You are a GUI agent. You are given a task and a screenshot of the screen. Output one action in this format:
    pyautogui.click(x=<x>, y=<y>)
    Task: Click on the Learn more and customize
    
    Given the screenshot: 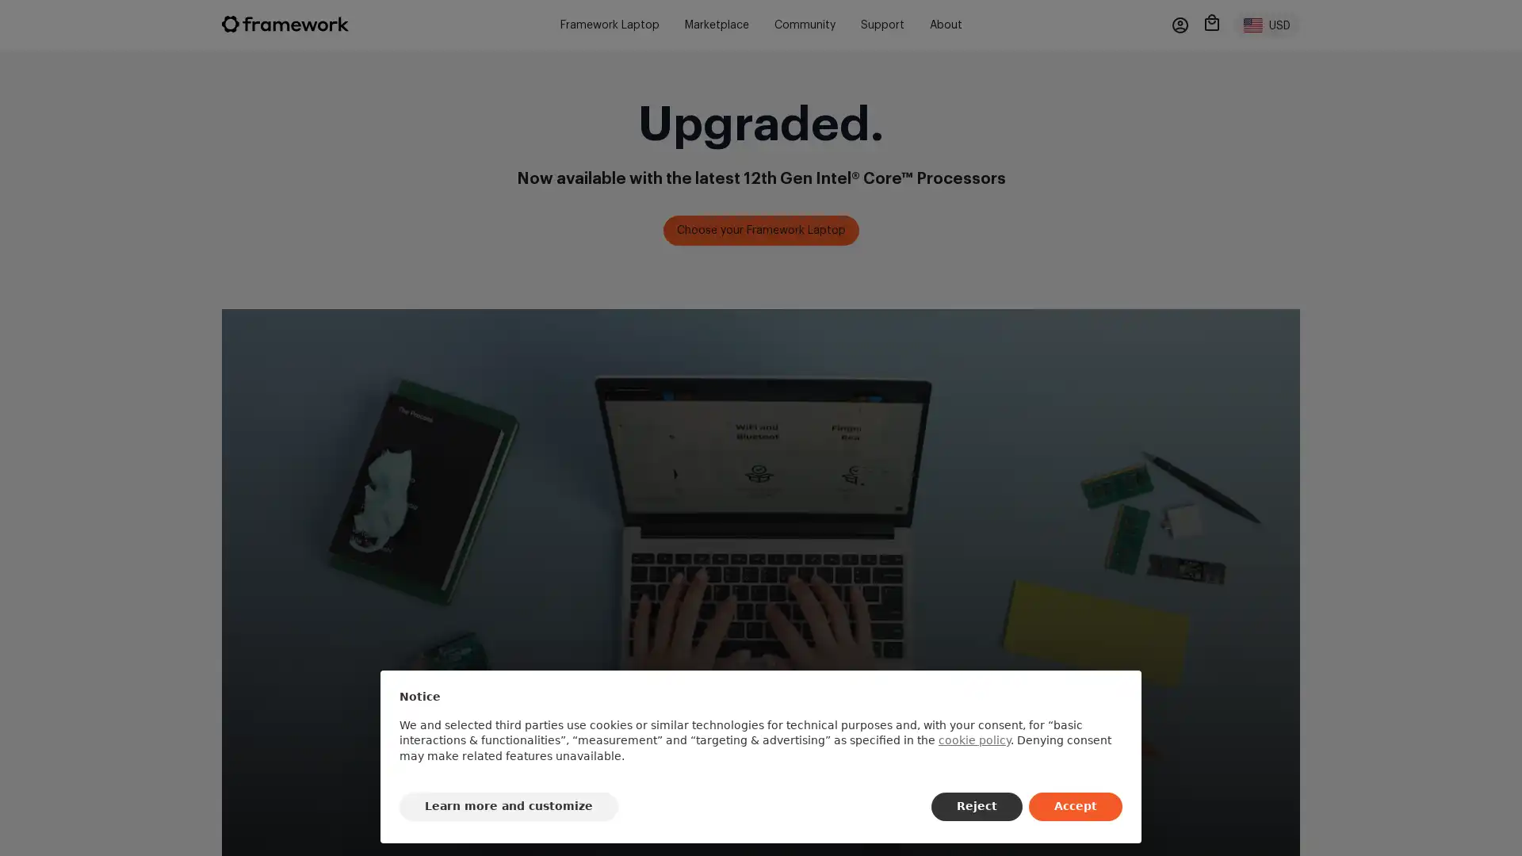 What is the action you would take?
    pyautogui.click(x=509, y=807)
    